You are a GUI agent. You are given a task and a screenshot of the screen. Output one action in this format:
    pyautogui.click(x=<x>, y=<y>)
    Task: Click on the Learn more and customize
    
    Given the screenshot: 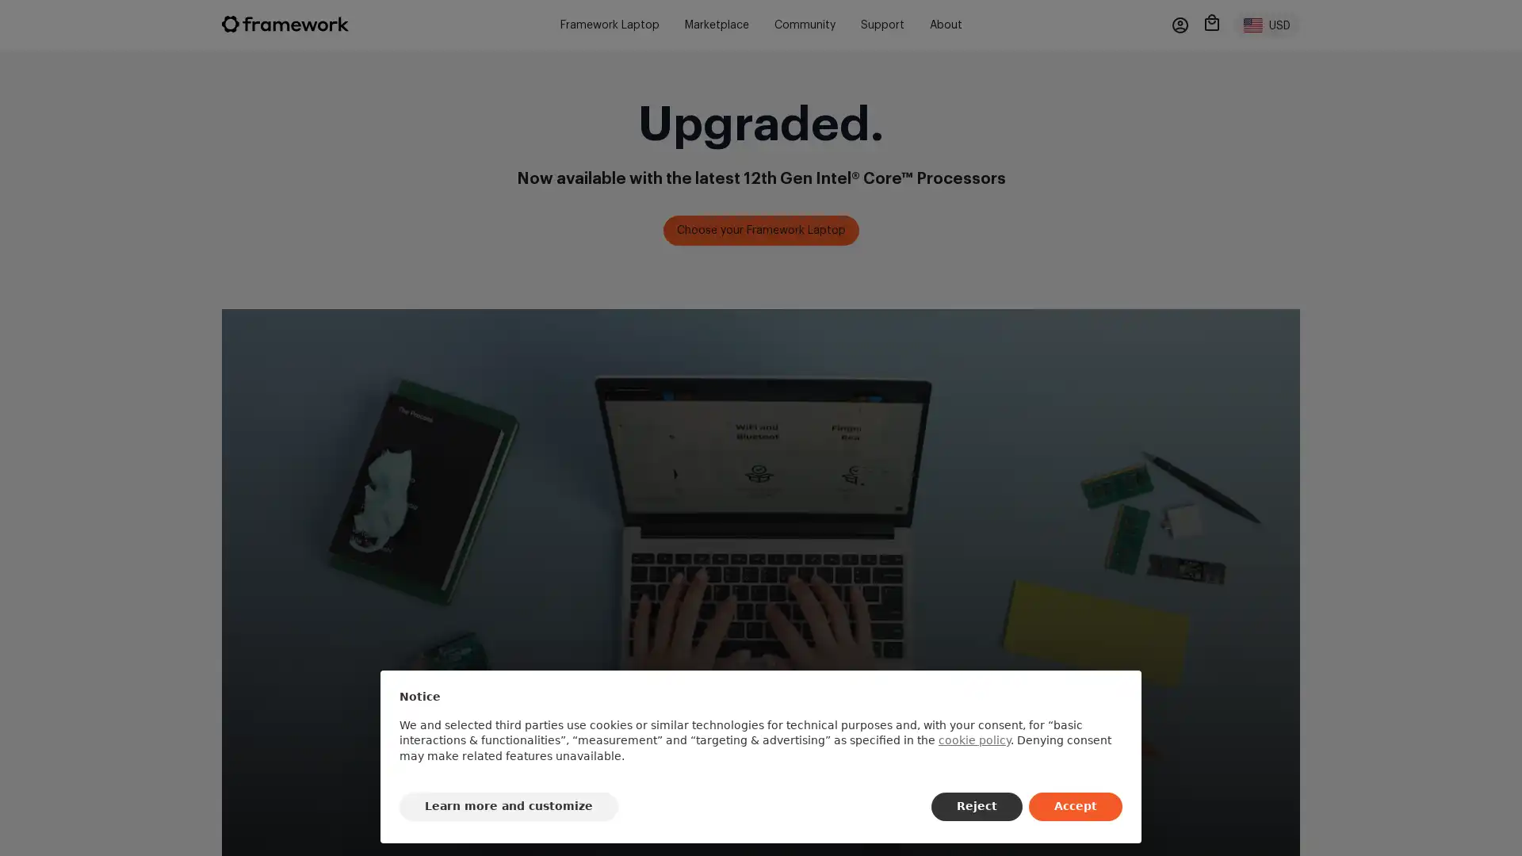 What is the action you would take?
    pyautogui.click(x=509, y=807)
    